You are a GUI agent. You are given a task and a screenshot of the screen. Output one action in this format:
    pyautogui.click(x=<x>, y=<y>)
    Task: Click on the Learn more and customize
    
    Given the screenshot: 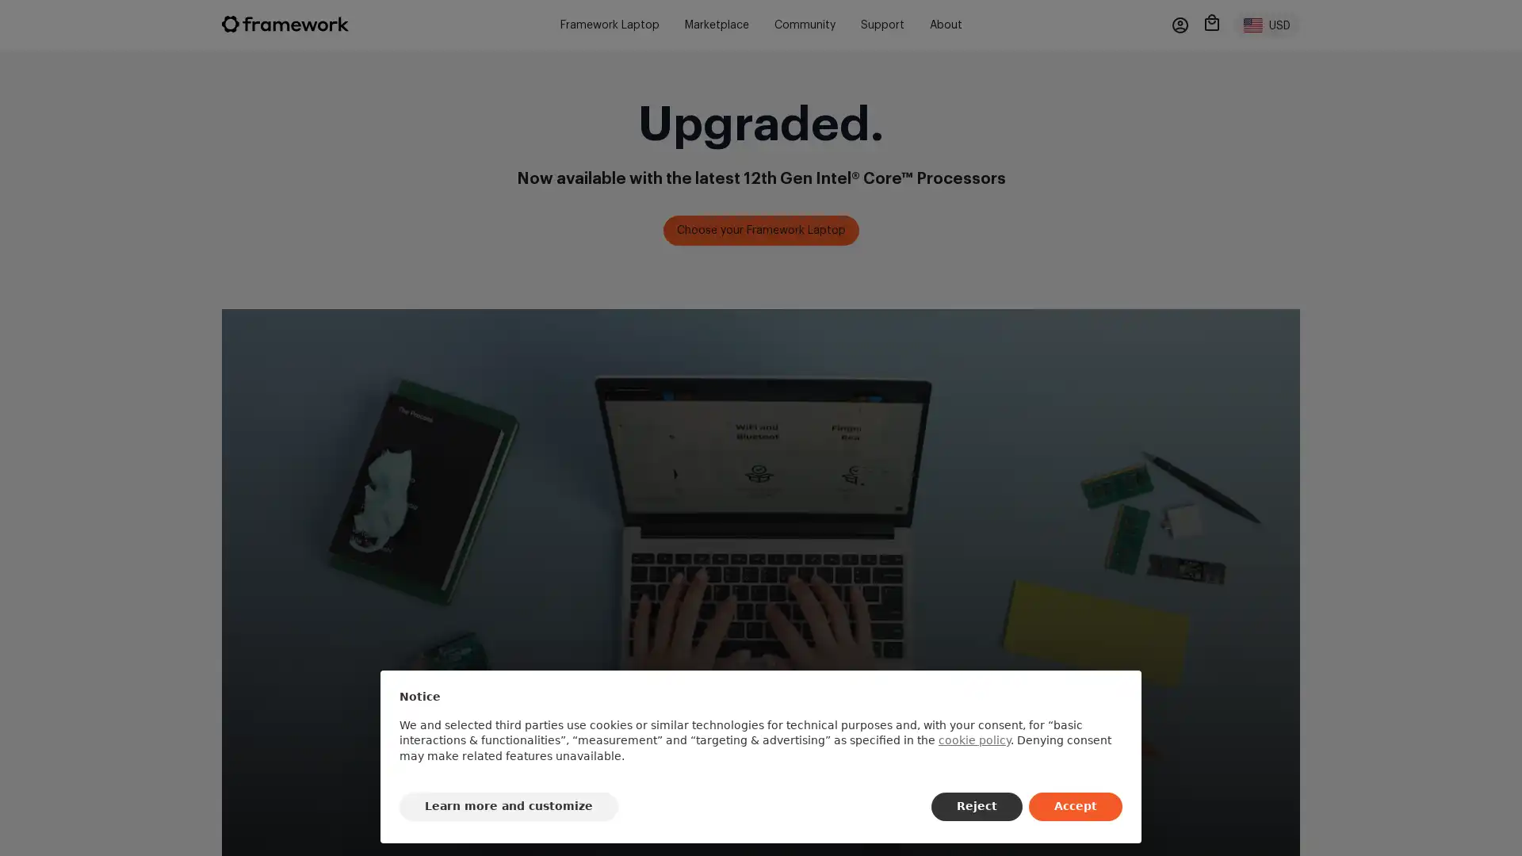 What is the action you would take?
    pyautogui.click(x=509, y=807)
    